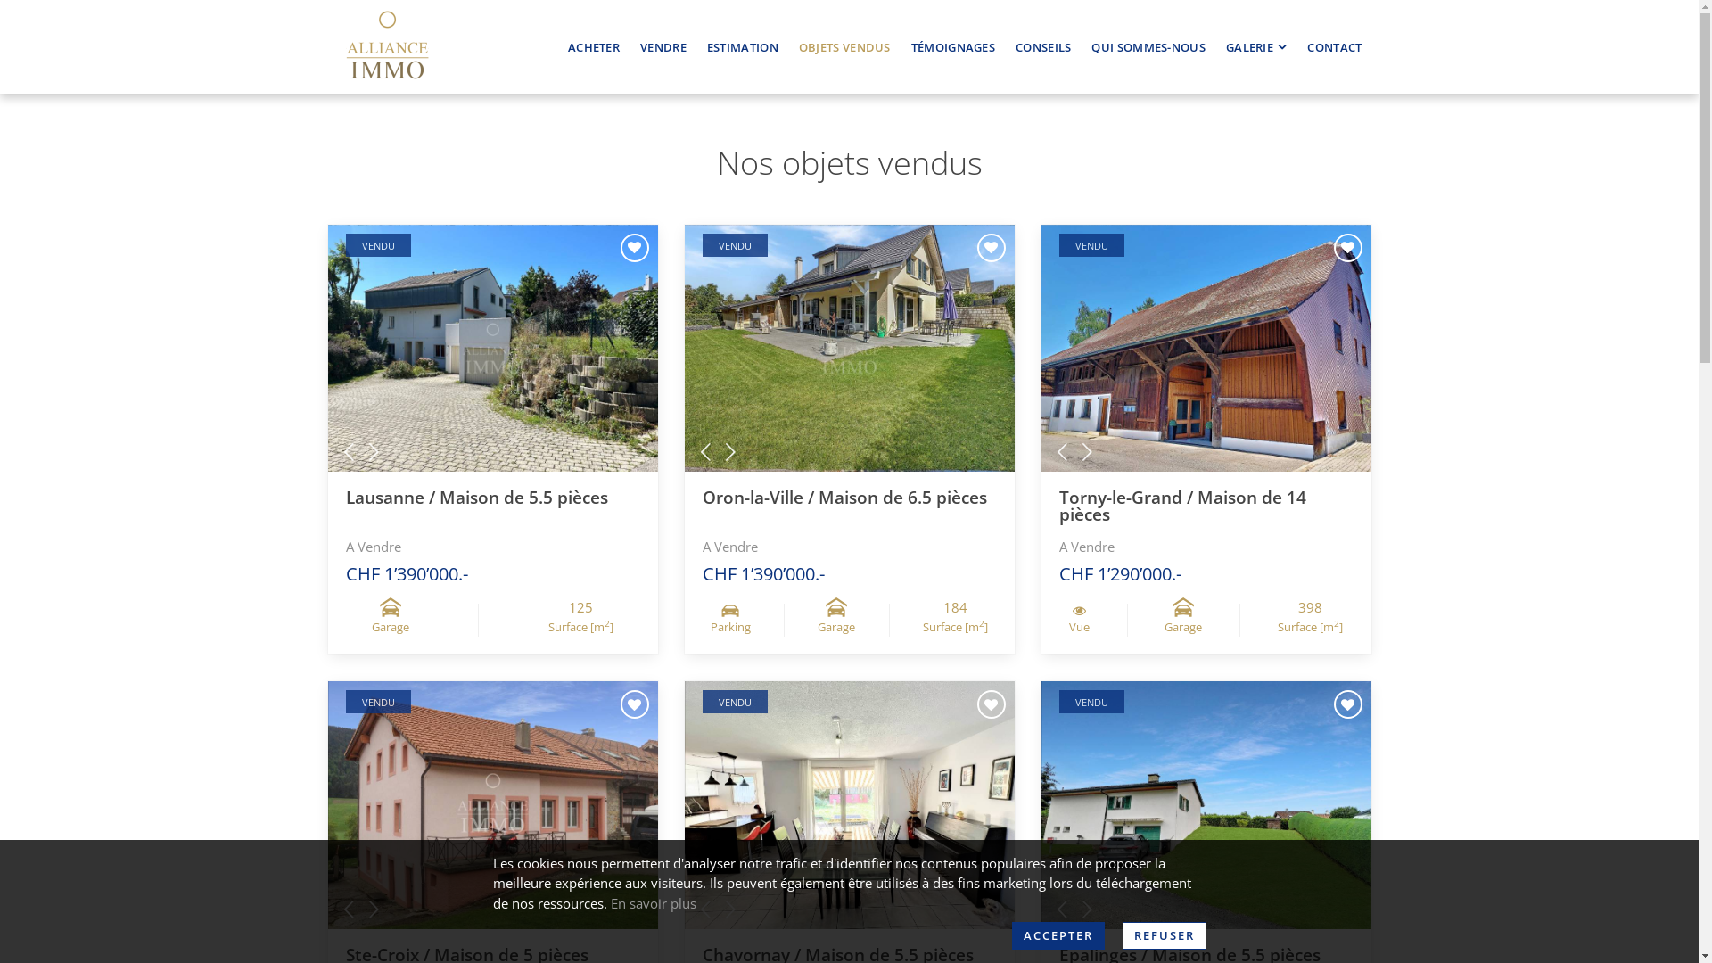  I want to click on 'REFUSER', so click(1164, 934).